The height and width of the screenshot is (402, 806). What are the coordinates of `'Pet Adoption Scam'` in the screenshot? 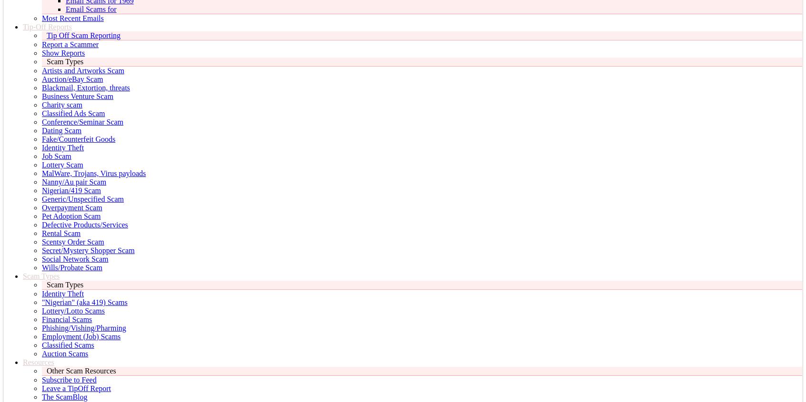 It's located at (71, 216).